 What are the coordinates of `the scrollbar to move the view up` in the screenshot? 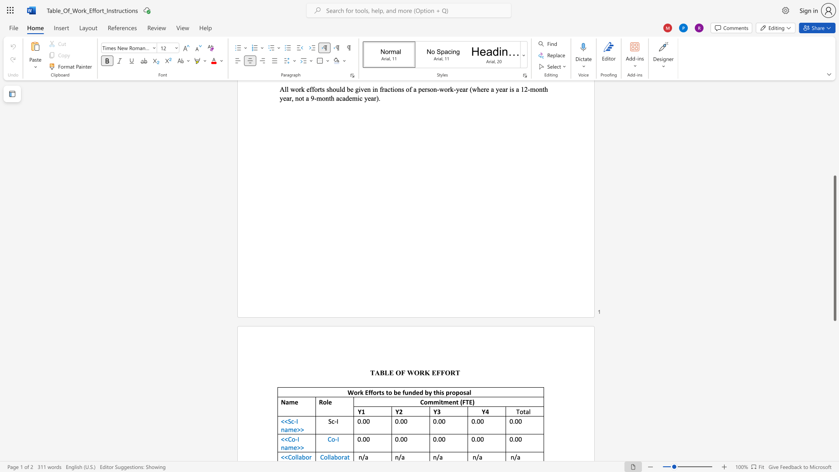 It's located at (834, 118).